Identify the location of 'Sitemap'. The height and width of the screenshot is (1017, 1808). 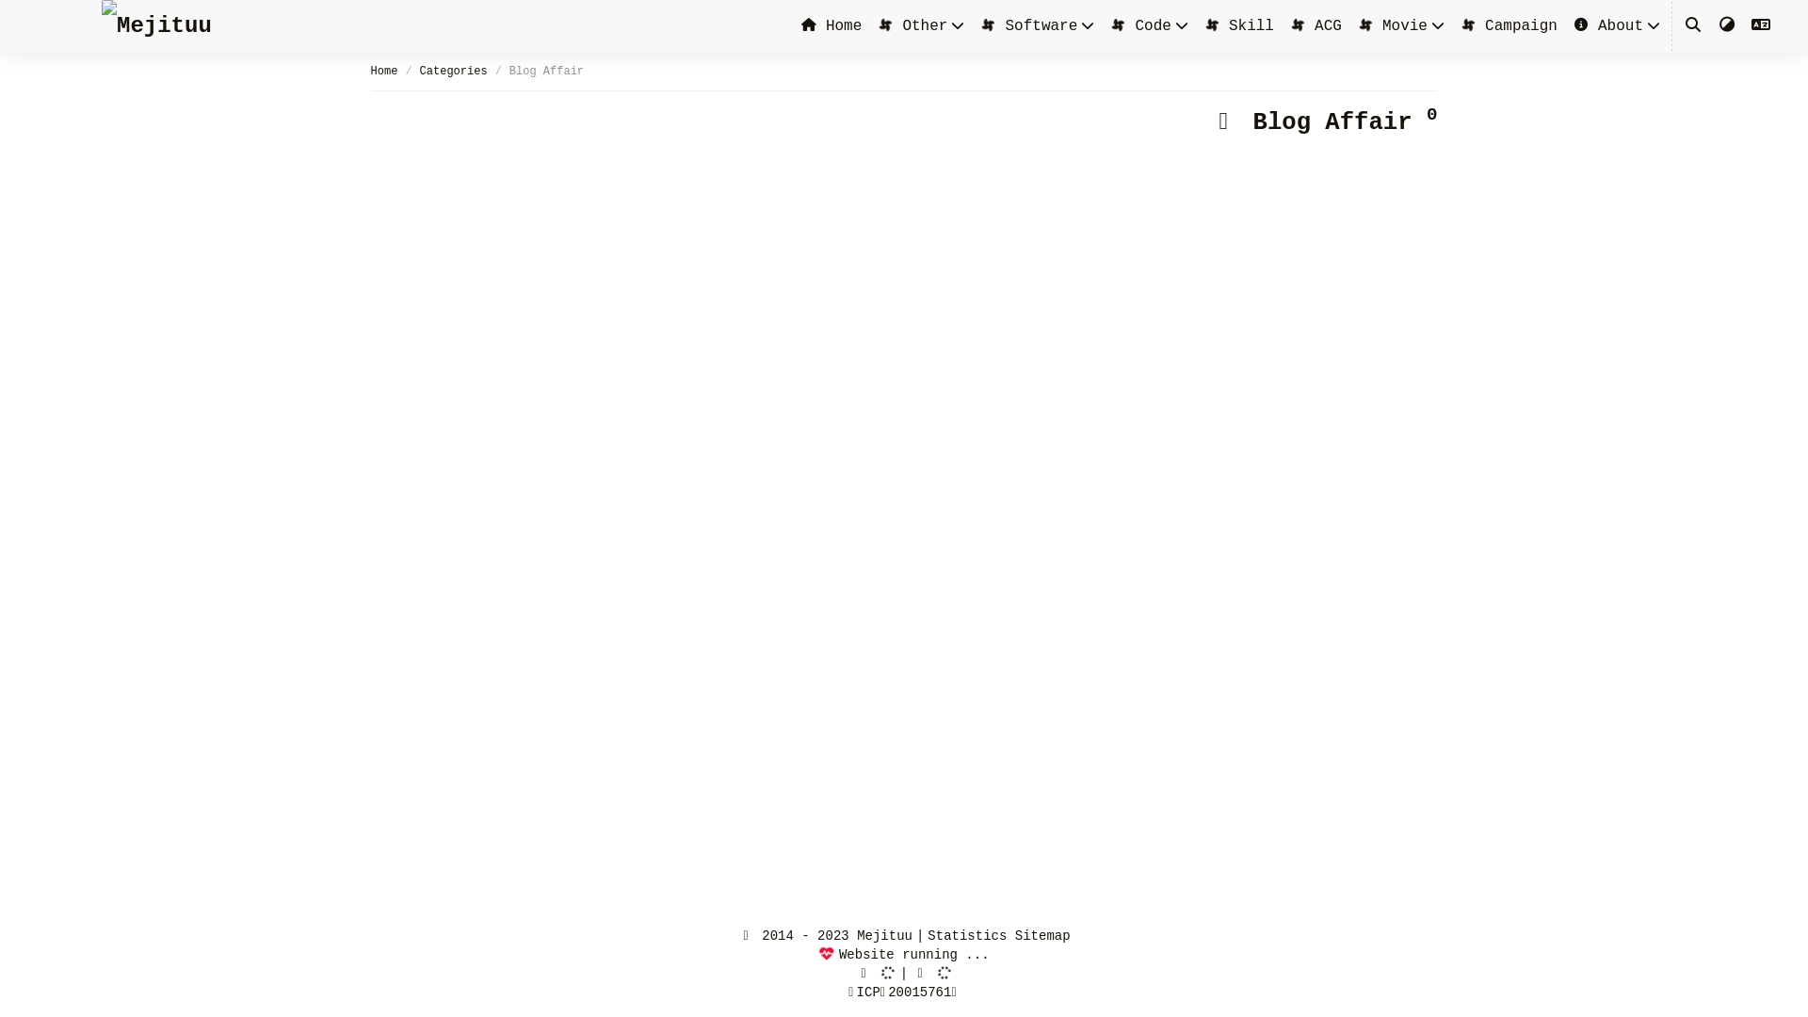
(1041, 936).